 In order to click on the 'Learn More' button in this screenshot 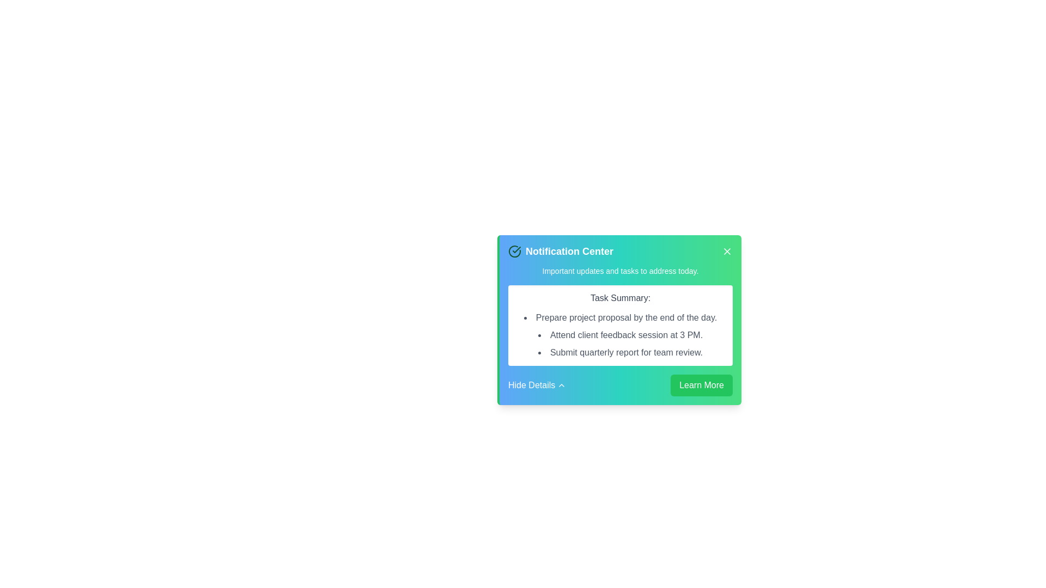, I will do `click(702, 385)`.